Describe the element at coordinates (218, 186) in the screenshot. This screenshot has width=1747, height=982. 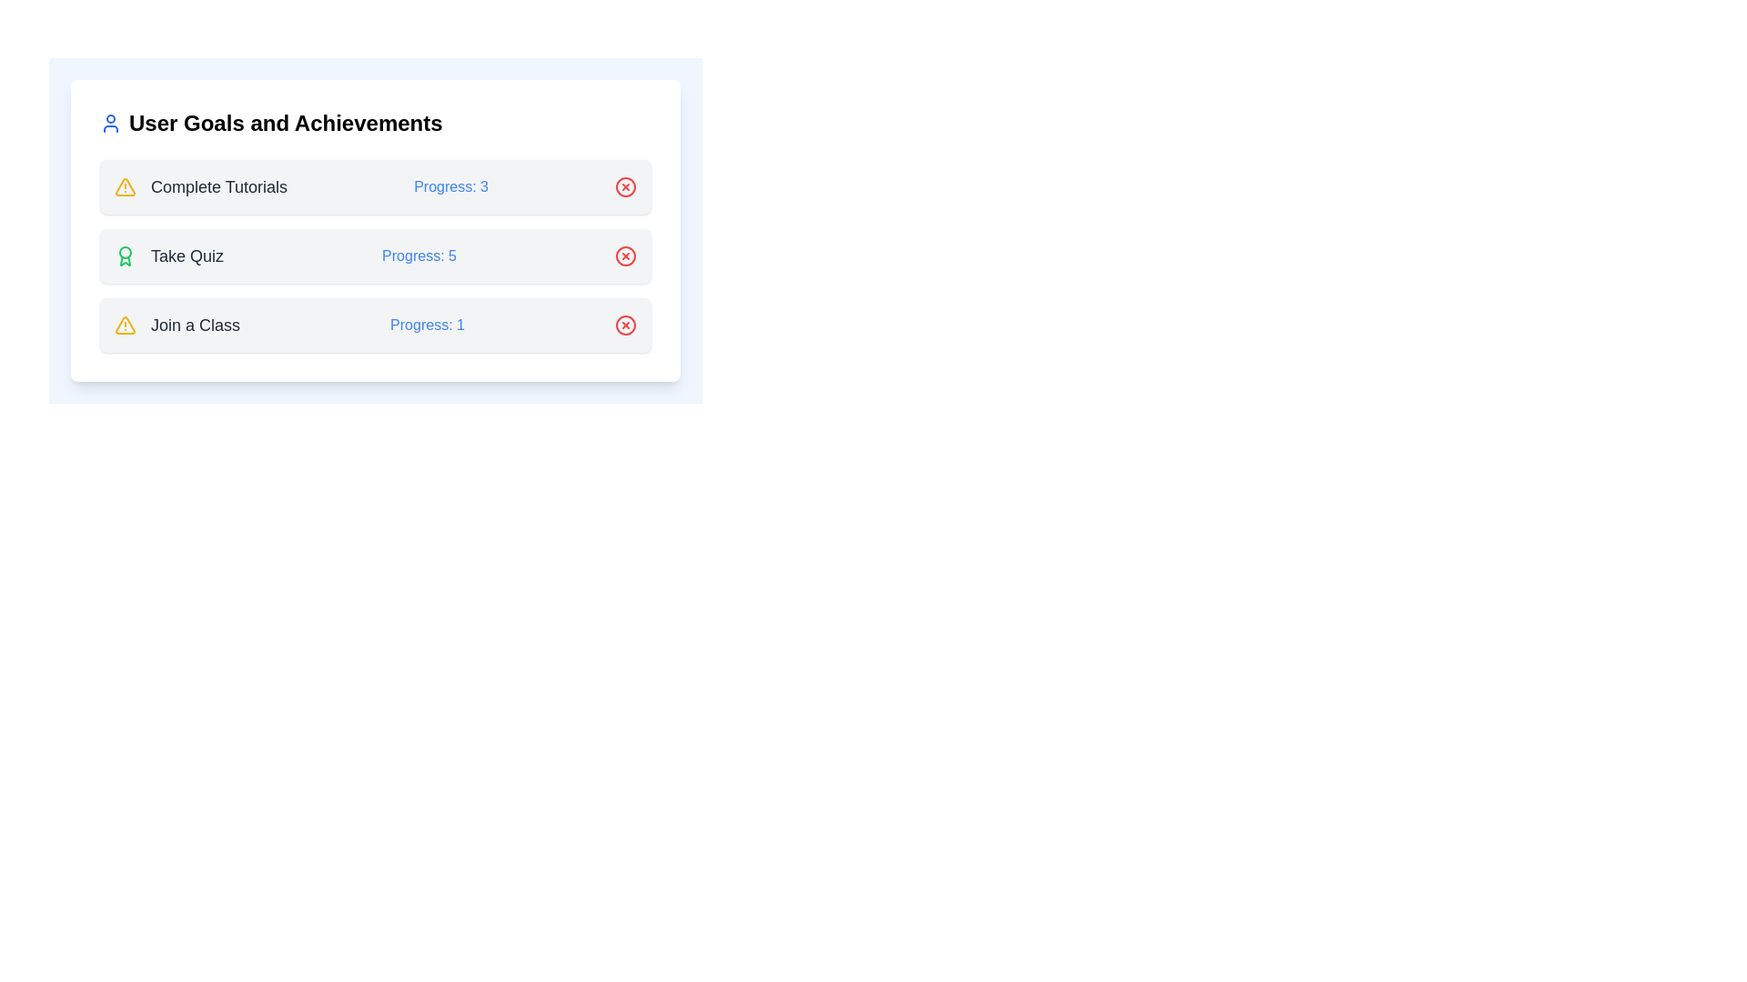
I see `the text label 'Complete Tutorials', which is the first item in the user goals list within the 'User Goals and Achievements' card` at that location.